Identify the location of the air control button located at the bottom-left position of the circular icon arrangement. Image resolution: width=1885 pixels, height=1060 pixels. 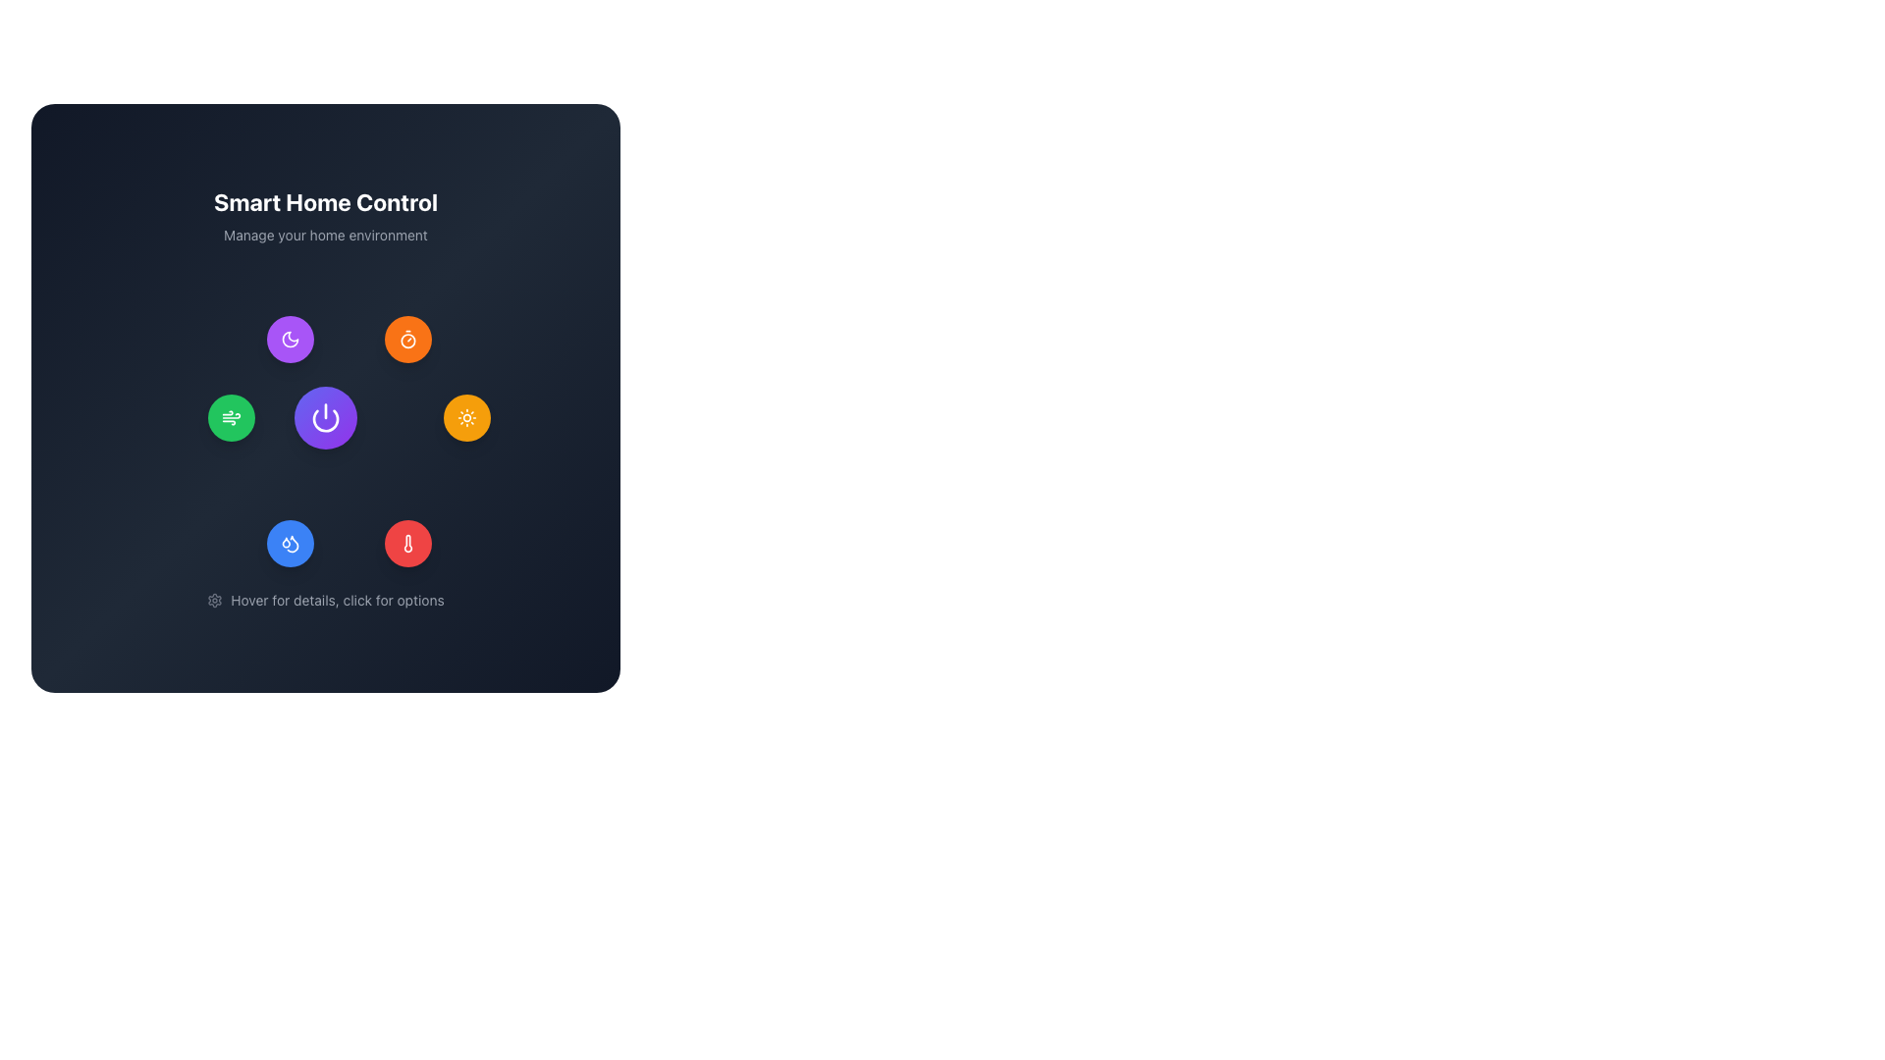
(231, 416).